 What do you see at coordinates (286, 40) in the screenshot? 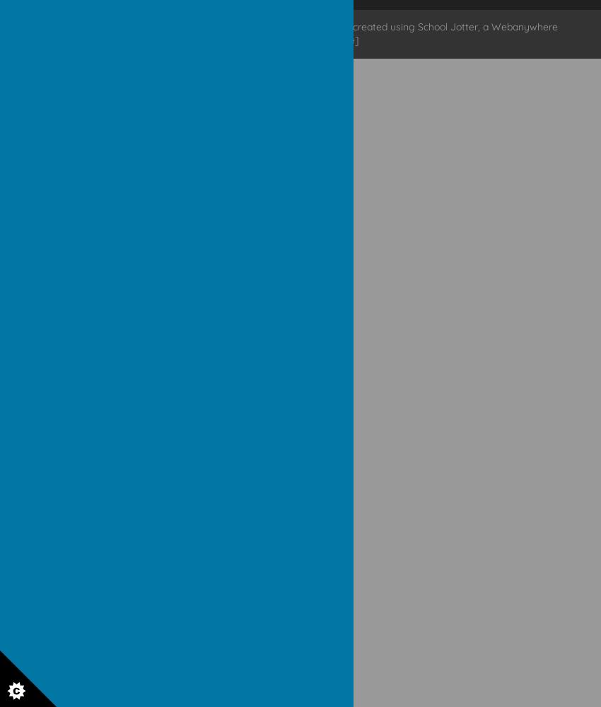
I see `'Administer Site'` at bounding box center [286, 40].